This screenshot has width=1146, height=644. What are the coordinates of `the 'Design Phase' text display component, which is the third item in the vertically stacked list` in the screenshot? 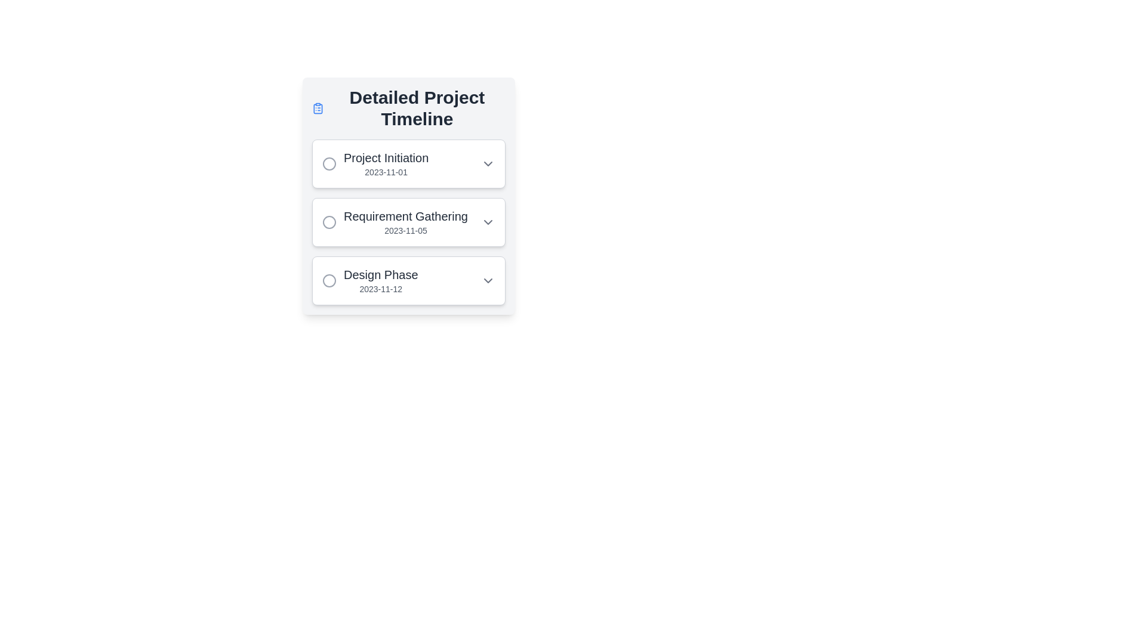 It's located at (380, 280).